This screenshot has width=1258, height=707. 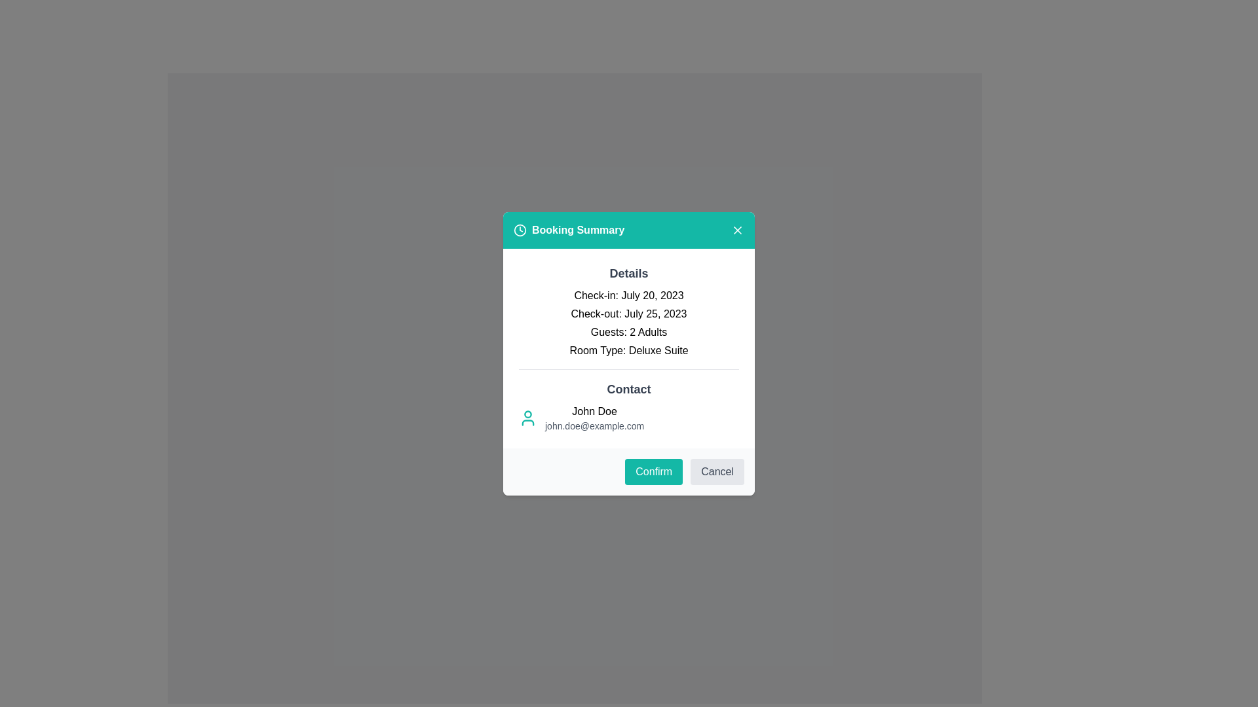 What do you see at coordinates (738, 229) in the screenshot?
I see `the close button with an 'X' icon located at the top-right corner of the modal header` at bounding box center [738, 229].